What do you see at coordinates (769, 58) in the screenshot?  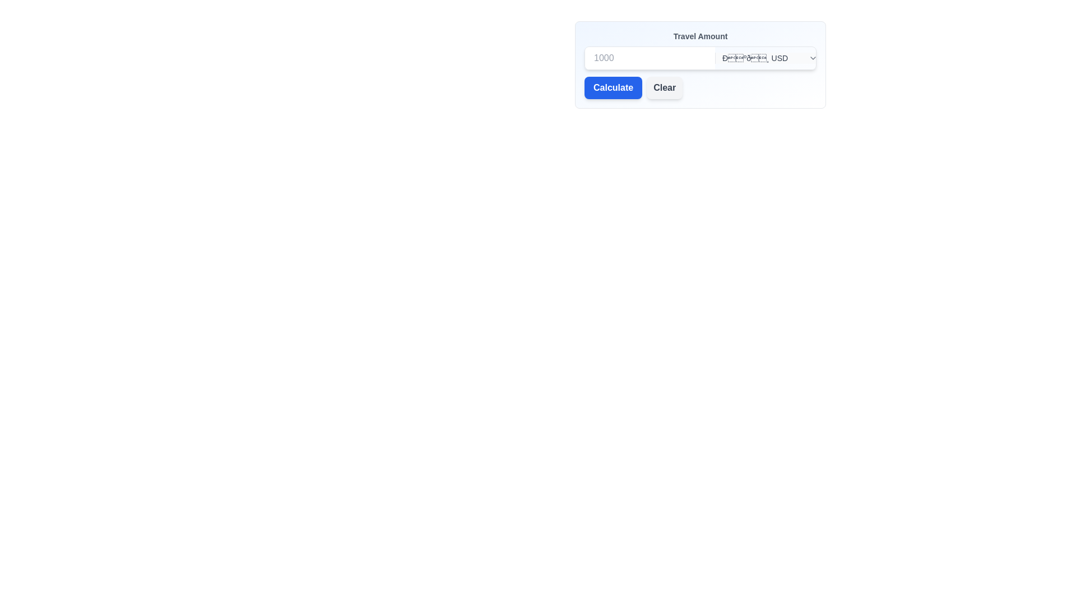 I see `keyboard navigation` at bounding box center [769, 58].